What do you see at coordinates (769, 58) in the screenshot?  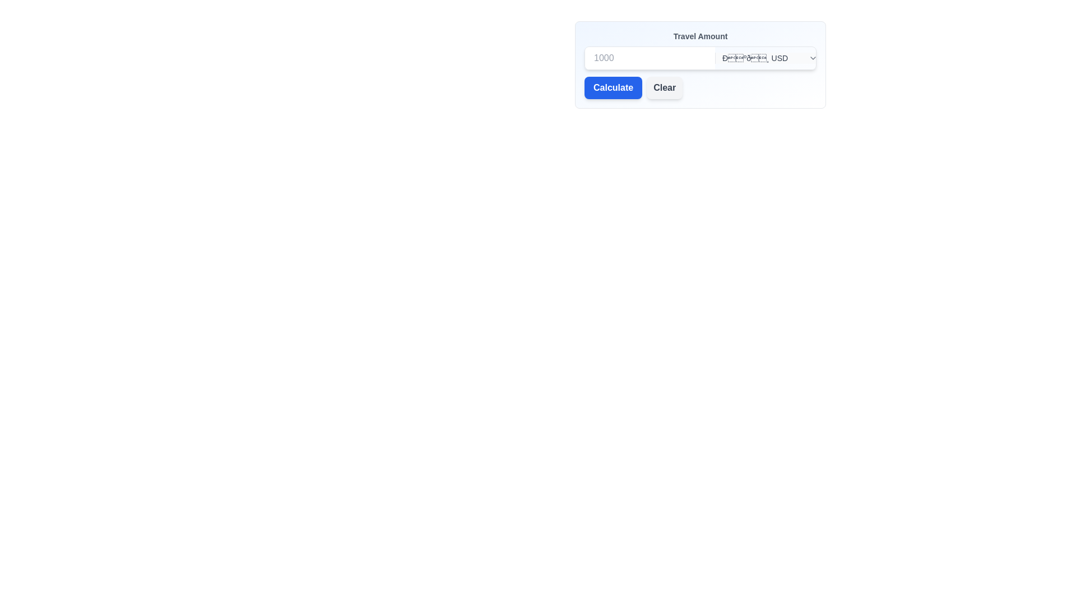 I see `keyboard navigation` at bounding box center [769, 58].